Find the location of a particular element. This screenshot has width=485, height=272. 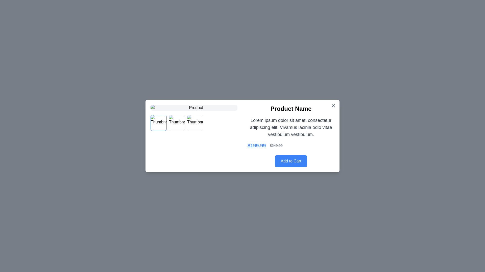

the text block displaying the paragraph styled in large gray font, located below the 'Product Name' heading and above the pricing information is located at coordinates (291, 127).